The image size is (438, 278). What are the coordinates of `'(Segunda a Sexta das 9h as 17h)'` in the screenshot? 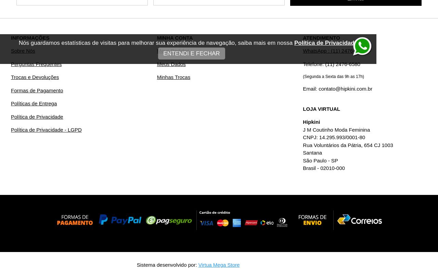 It's located at (333, 76).